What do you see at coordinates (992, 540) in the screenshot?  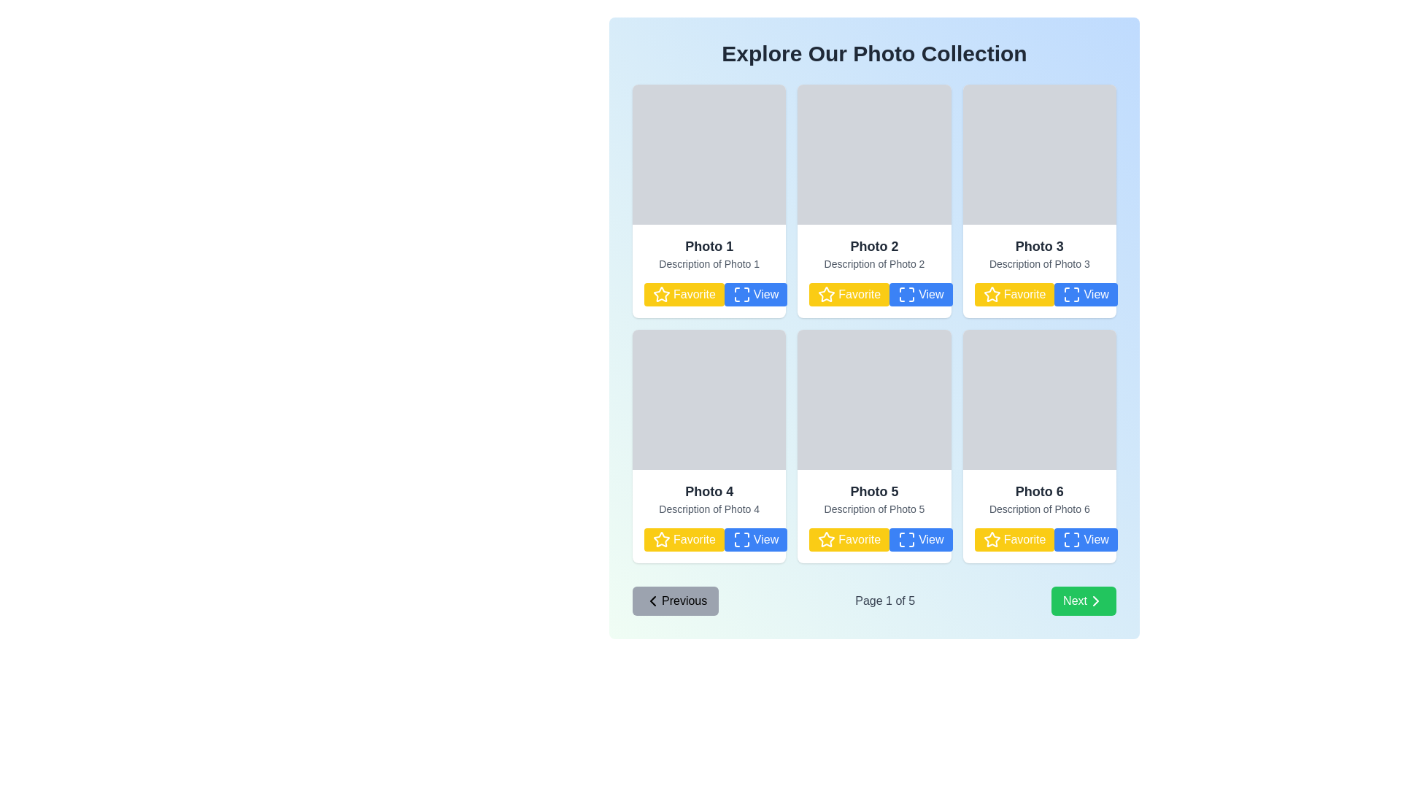 I see `the 'Favorite' star icon located to the left of the text 'Favorite' within its button at the bottom of the sixth photo in the grid` at bounding box center [992, 540].